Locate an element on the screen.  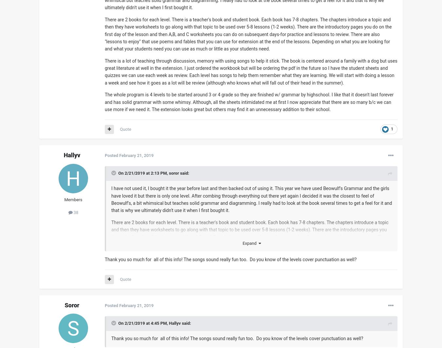
'On 2/21/2019 at 2:13 PM,' is located at coordinates (143, 173).